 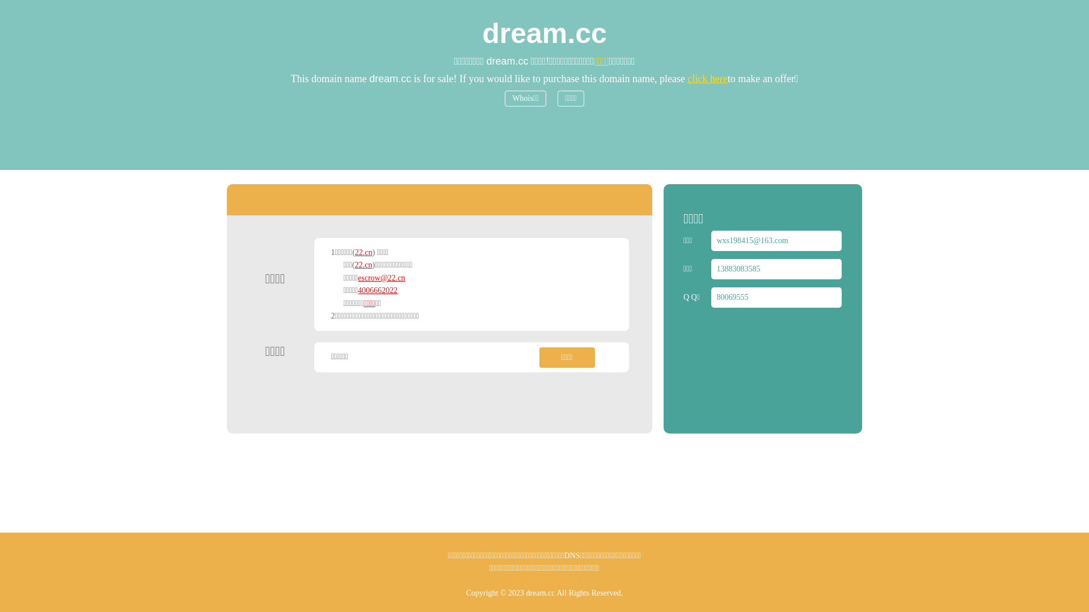 What do you see at coordinates (364, 252) in the screenshot?
I see `'22.cn'` at bounding box center [364, 252].